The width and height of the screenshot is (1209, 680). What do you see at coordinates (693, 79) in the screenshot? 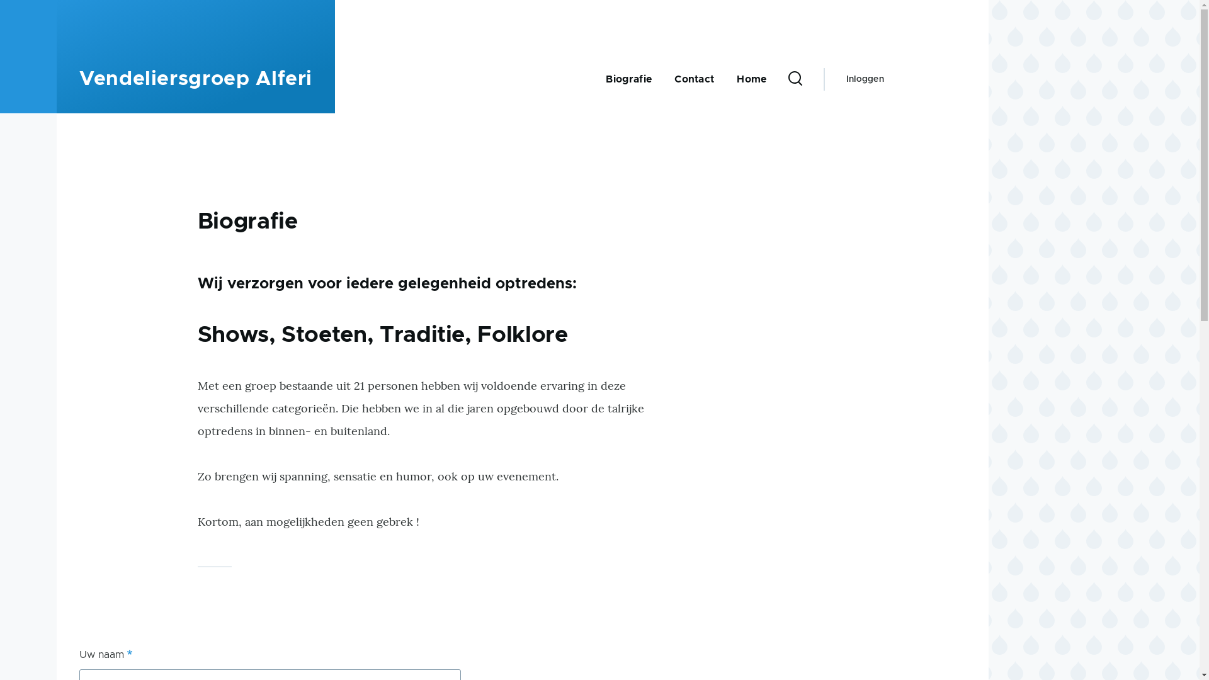
I see `'Contact'` at bounding box center [693, 79].